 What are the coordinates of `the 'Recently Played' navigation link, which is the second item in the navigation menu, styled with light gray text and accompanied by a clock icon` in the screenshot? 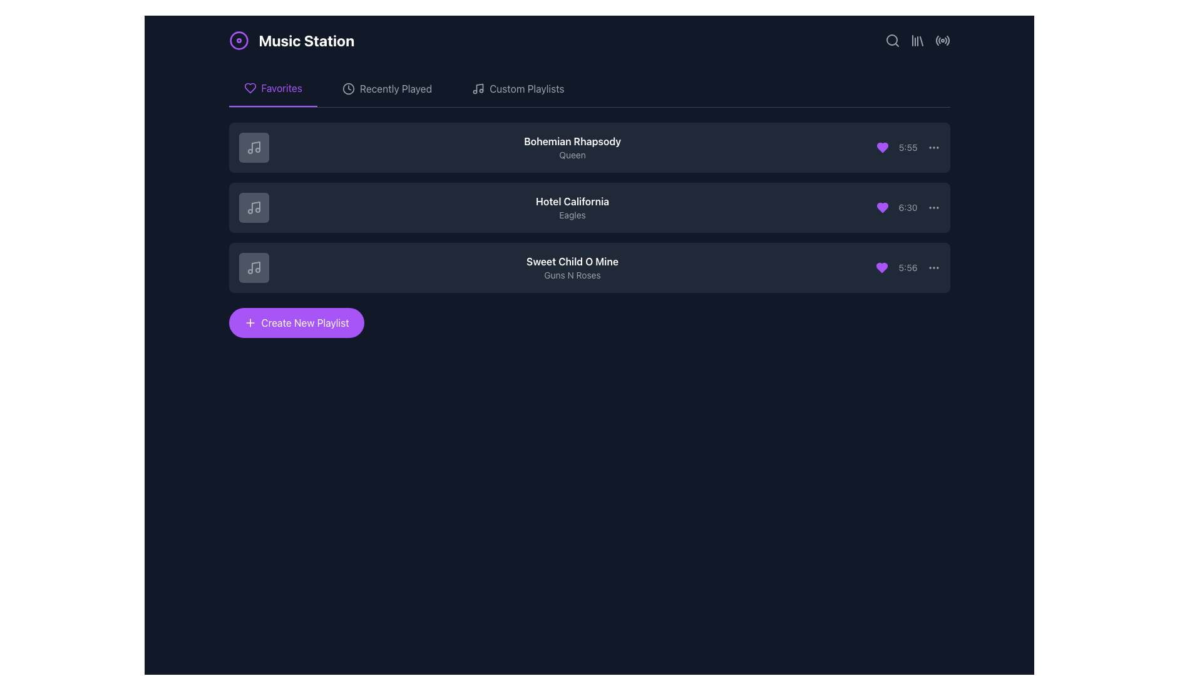 It's located at (395, 88).